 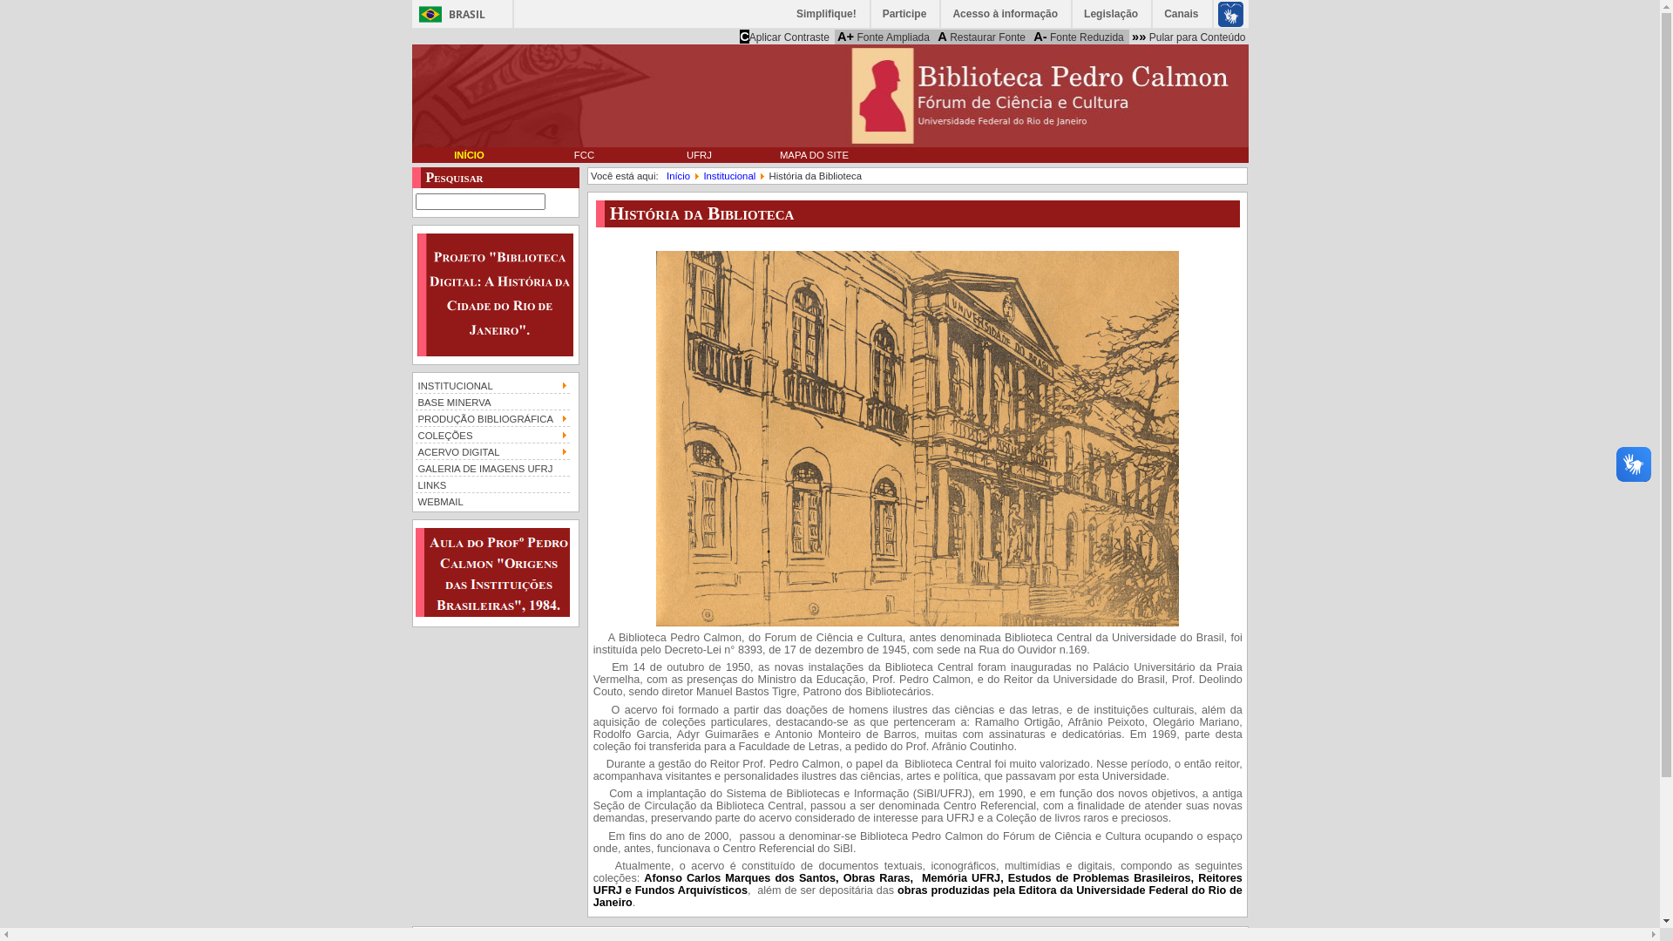 I want to click on 'Participe', so click(x=905, y=13).